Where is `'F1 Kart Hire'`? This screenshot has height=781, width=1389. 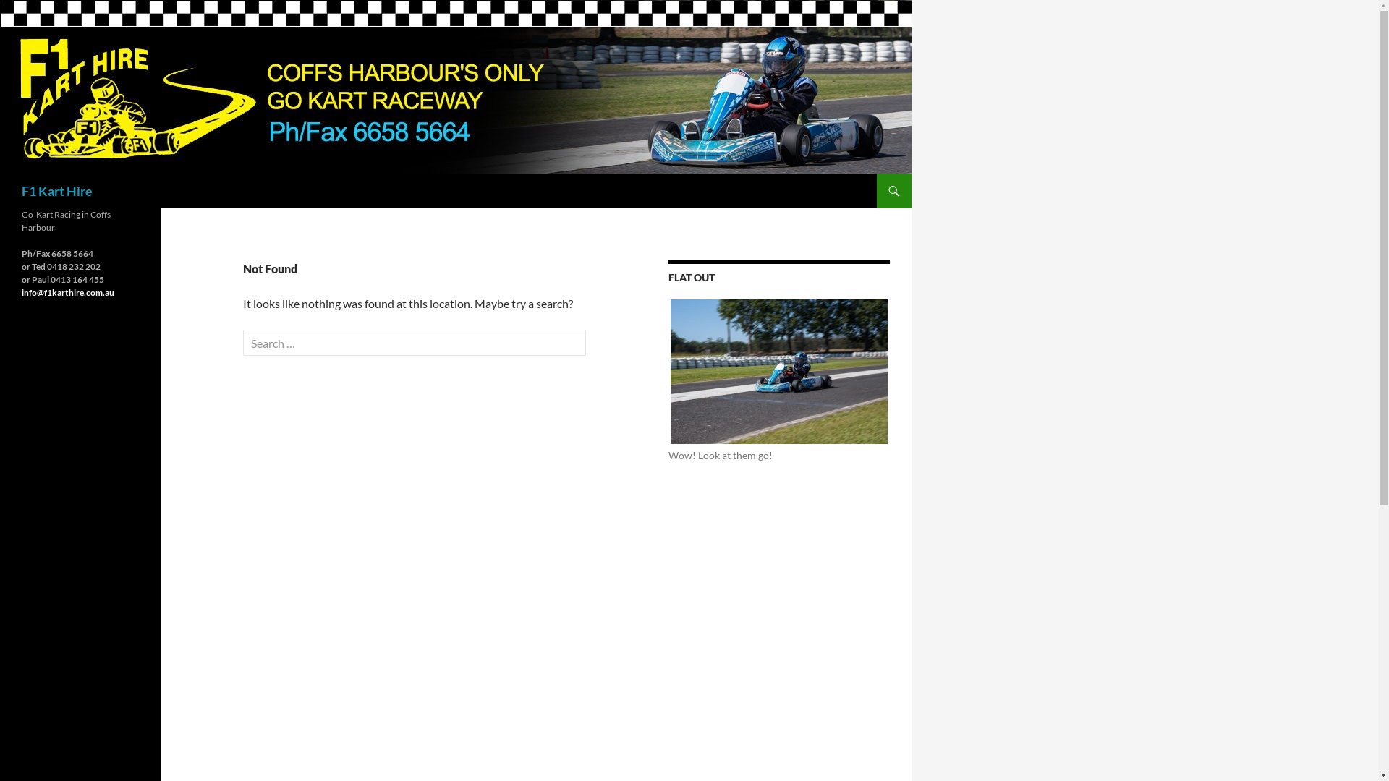
'F1 Kart Hire' is located at coordinates (56, 189).